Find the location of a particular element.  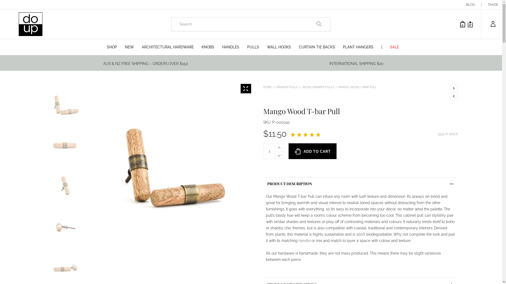

'DRAWER PULLS' is located at coordinates (287, 87).